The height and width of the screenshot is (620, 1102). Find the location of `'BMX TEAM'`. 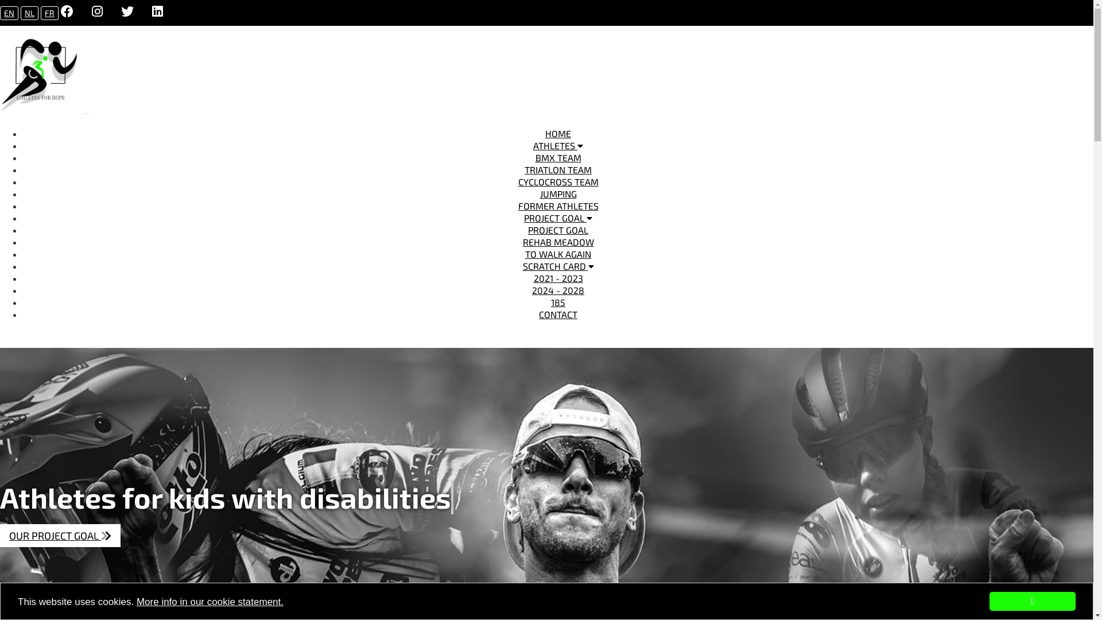

'BMX TEAM' is located at coordinates (557, 157).